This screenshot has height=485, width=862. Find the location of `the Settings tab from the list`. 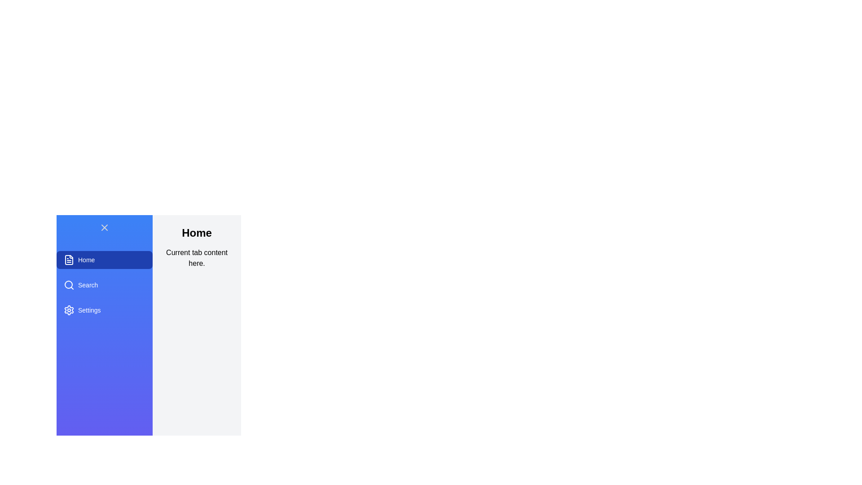

the Settings tab from the list is located at coordinates (105, 309).